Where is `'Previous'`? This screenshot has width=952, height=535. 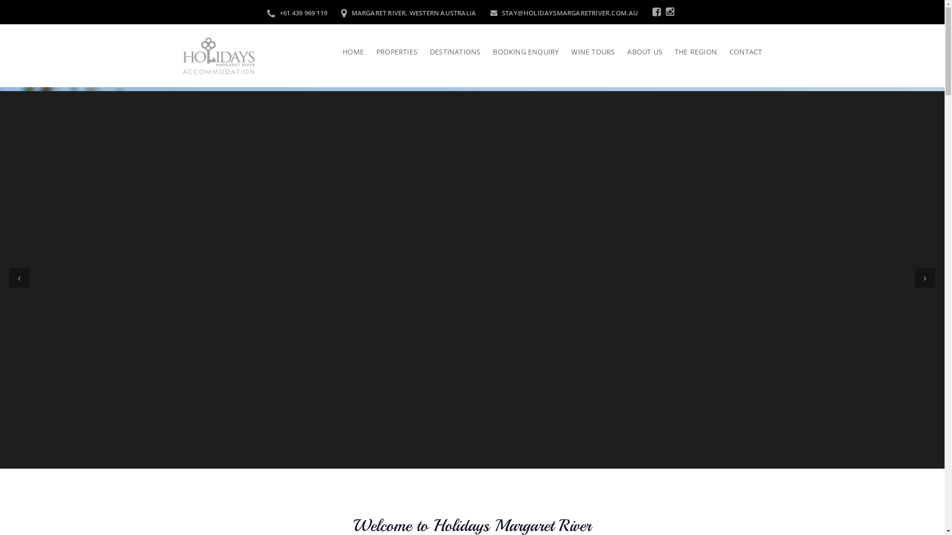
'Previous' is located at coordinates (19, 277).